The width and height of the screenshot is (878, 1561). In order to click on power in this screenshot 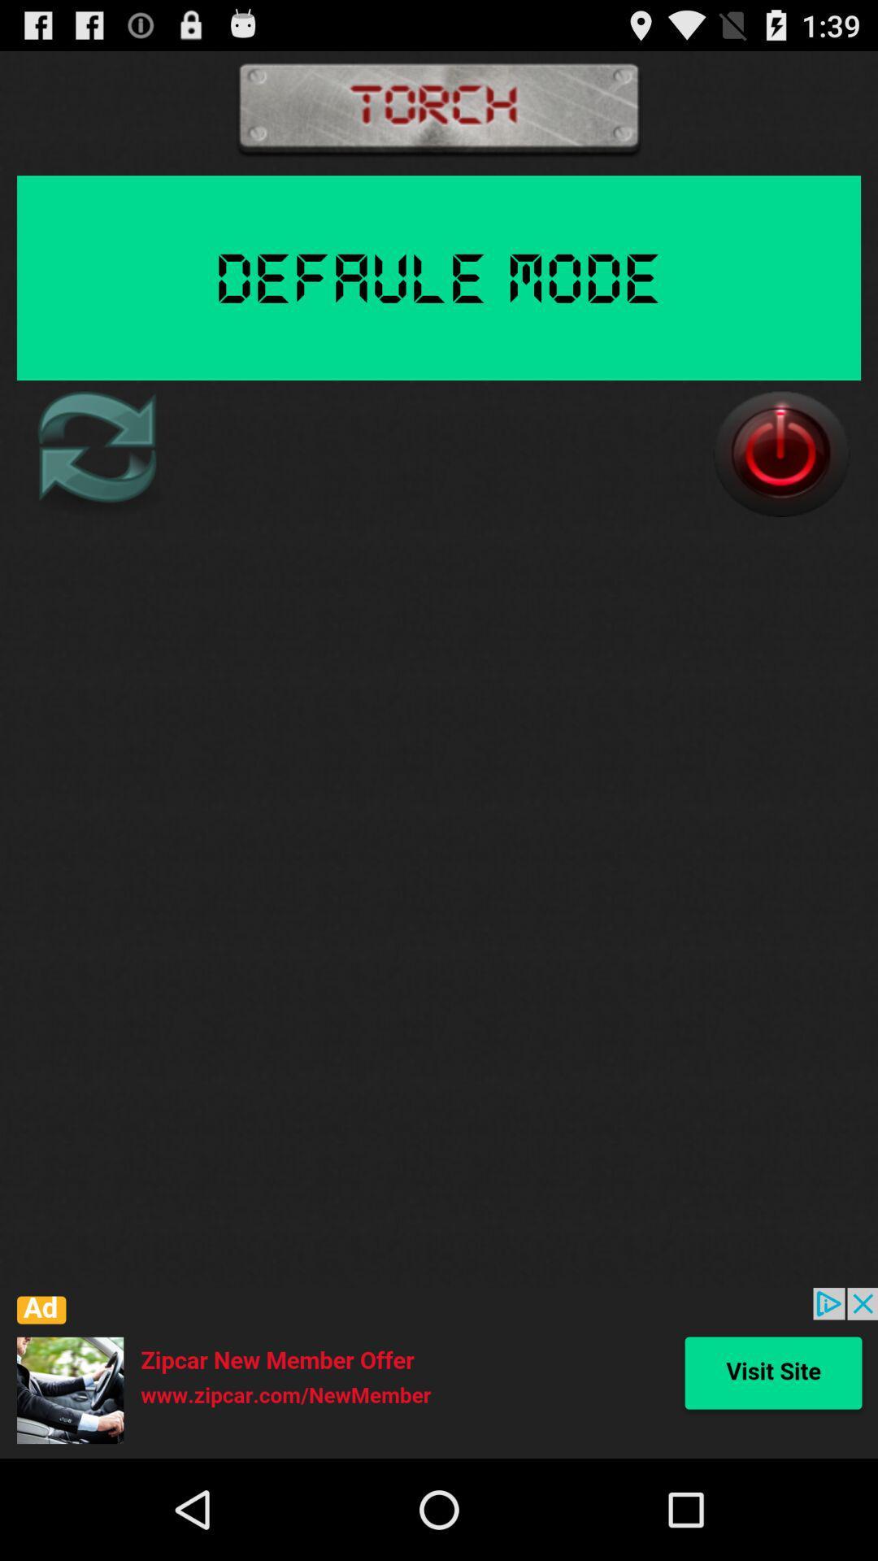, I will do `click(780, 454)`.